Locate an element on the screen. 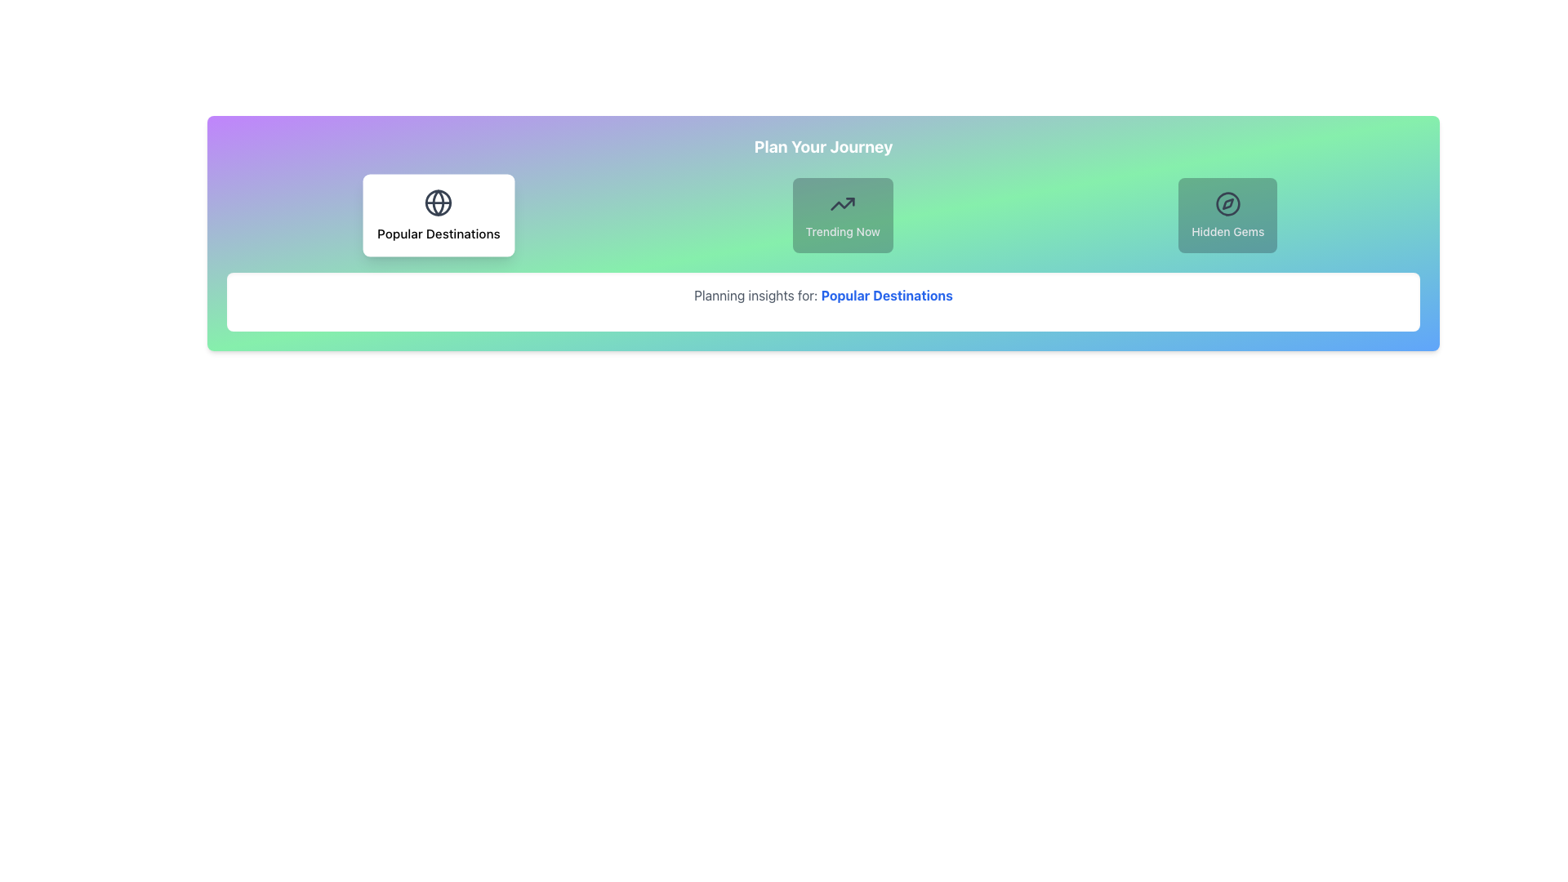 The image size is (1568, 882). the 'Trending Now' button, which is a rectangular button with an upward trending arrow icon and the text 'Trending Now' beneath it, located under the group heading 'Plan Your Journey.' is located at coordinates (843, 214).